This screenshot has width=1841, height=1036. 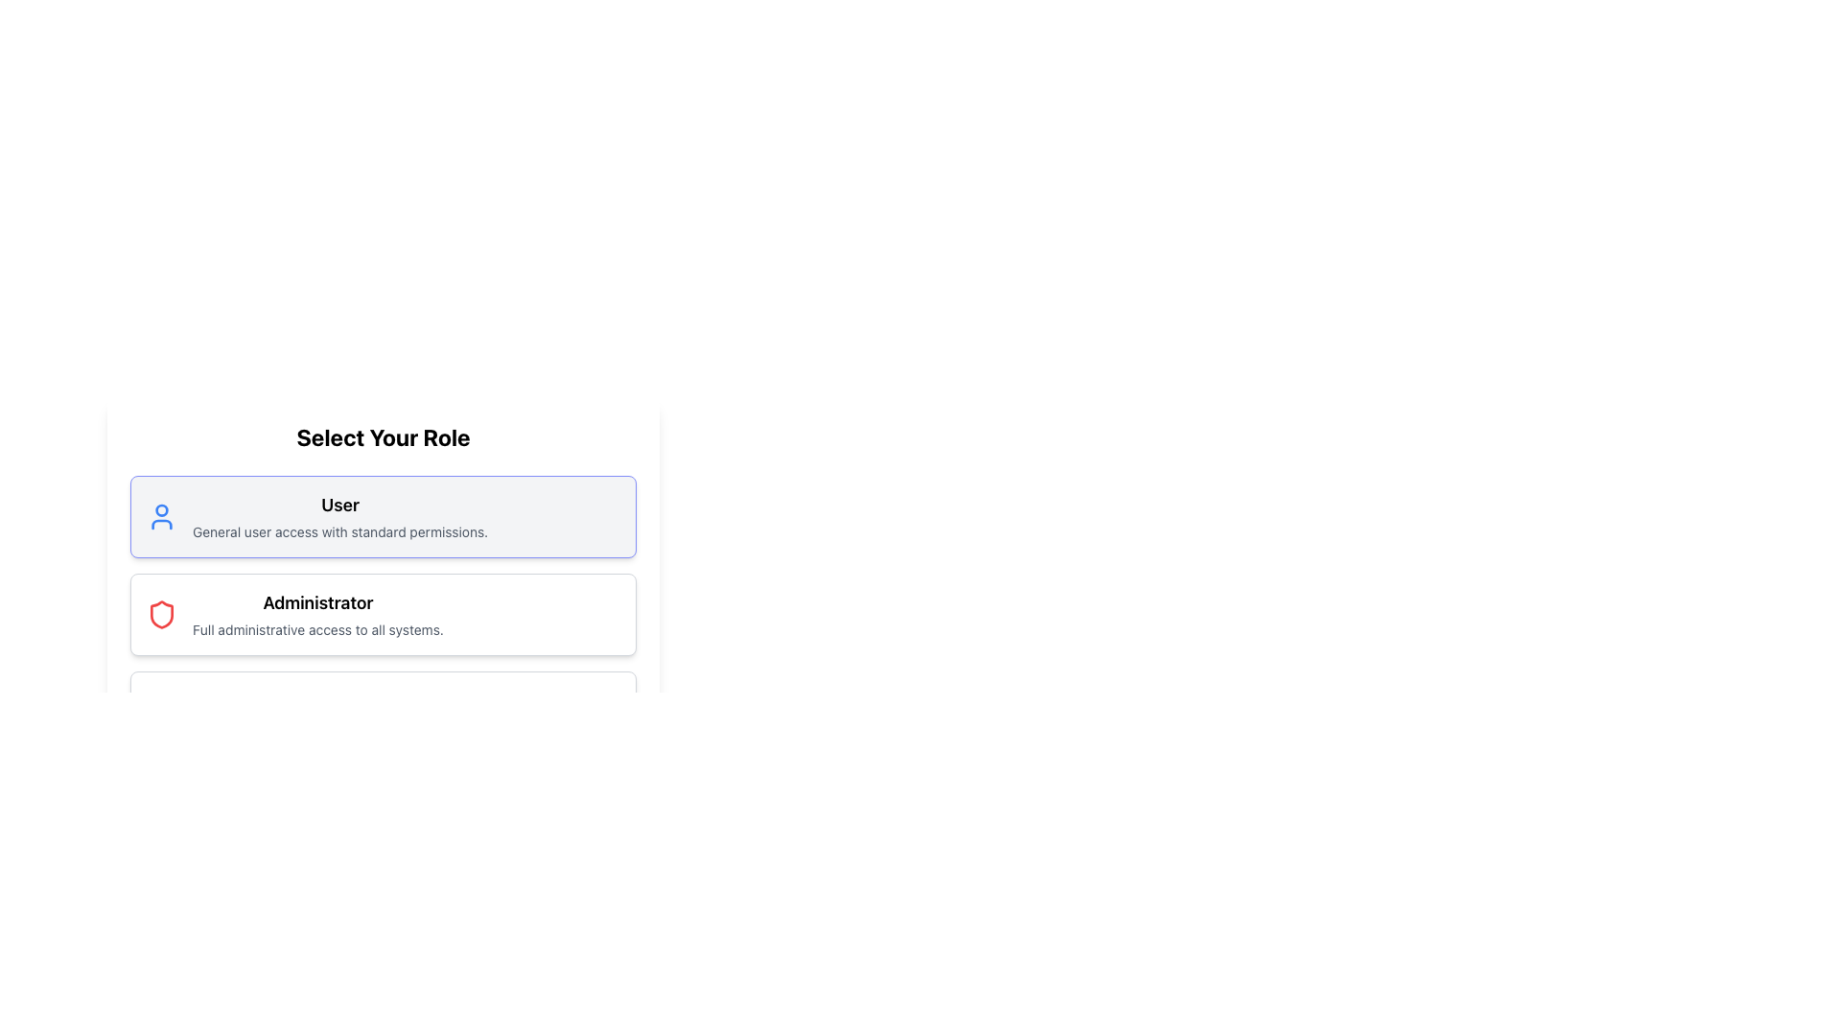 What do you see at coordinates (383, 436) in the screenshot?
I see `the static text header that guides users through the role selection section, positioned above the selectable role items` at bounding box center [383, 436].